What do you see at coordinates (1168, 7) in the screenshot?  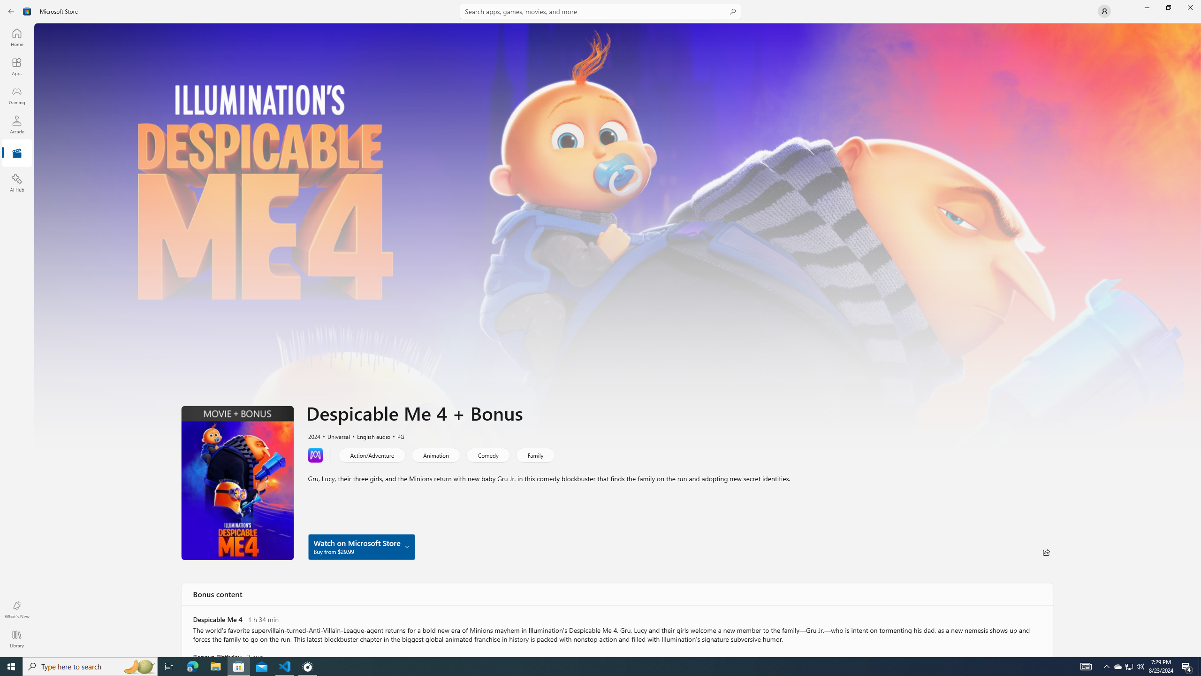 I see `'Restore Microsoft Store'` at bounding box center [1168, 7].